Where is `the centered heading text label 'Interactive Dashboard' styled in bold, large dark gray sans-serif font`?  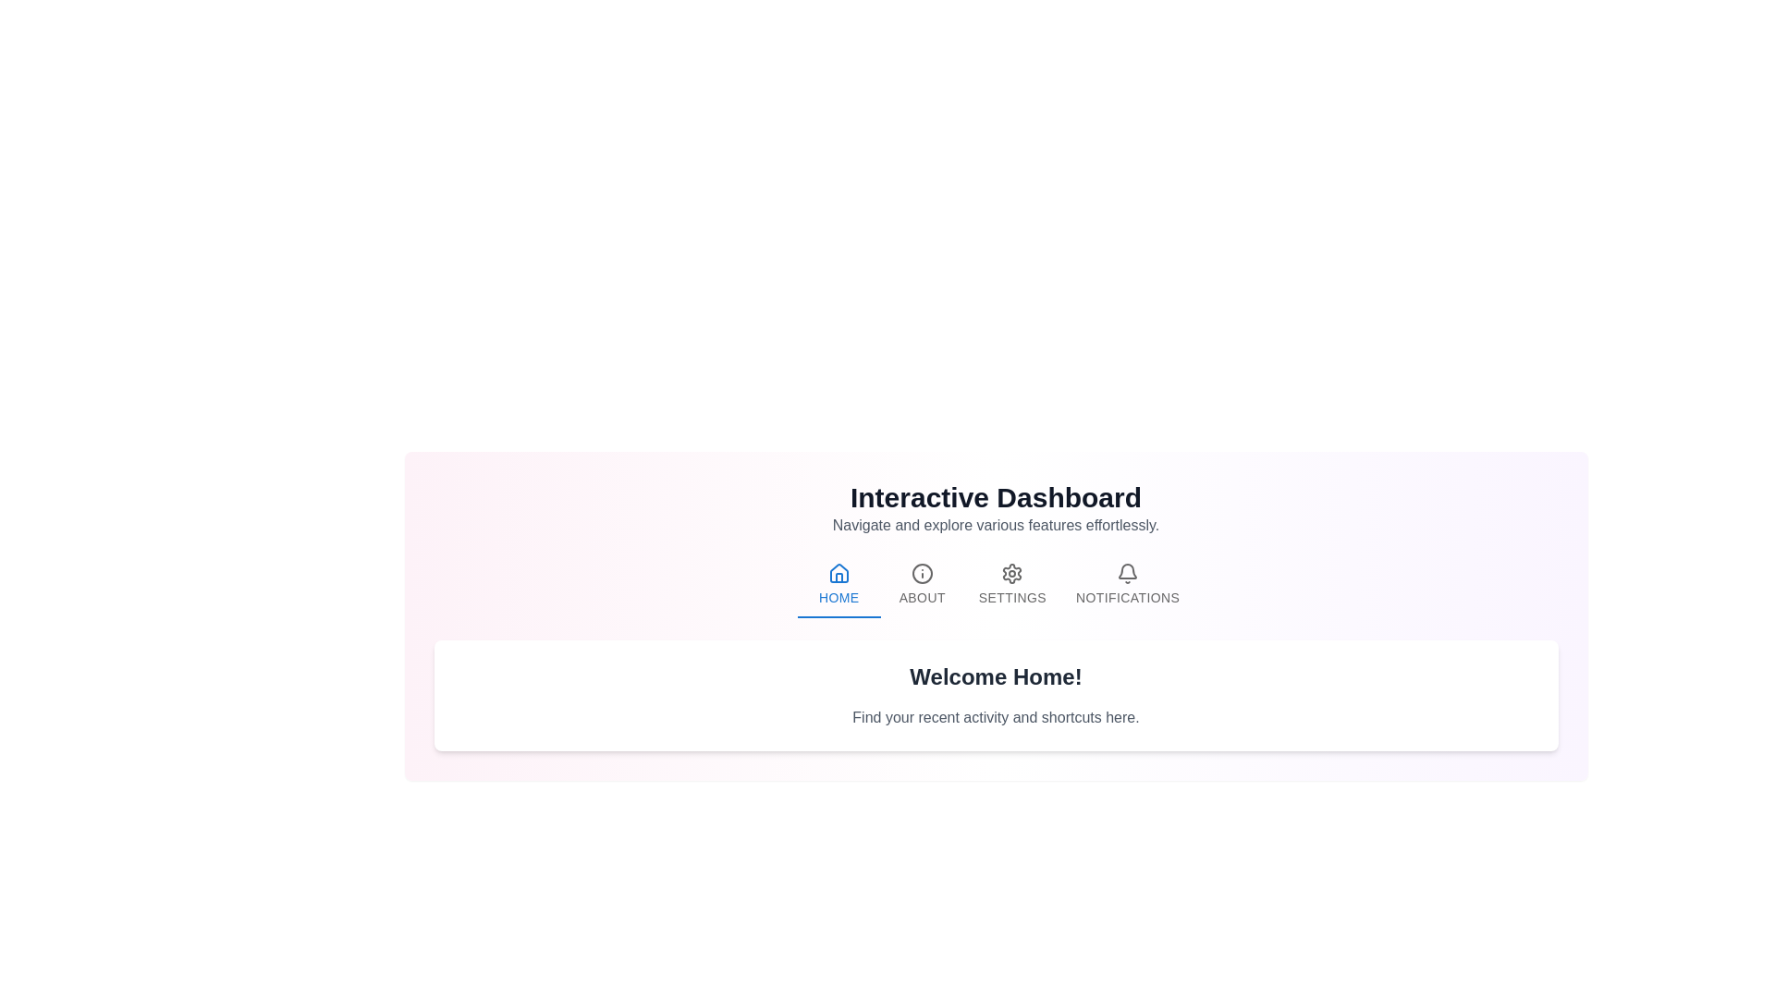 the centered heading text label 'Interactive Dashboard' styled in bold, large dark gray sans-serif font is located at coordinates (995, 497).